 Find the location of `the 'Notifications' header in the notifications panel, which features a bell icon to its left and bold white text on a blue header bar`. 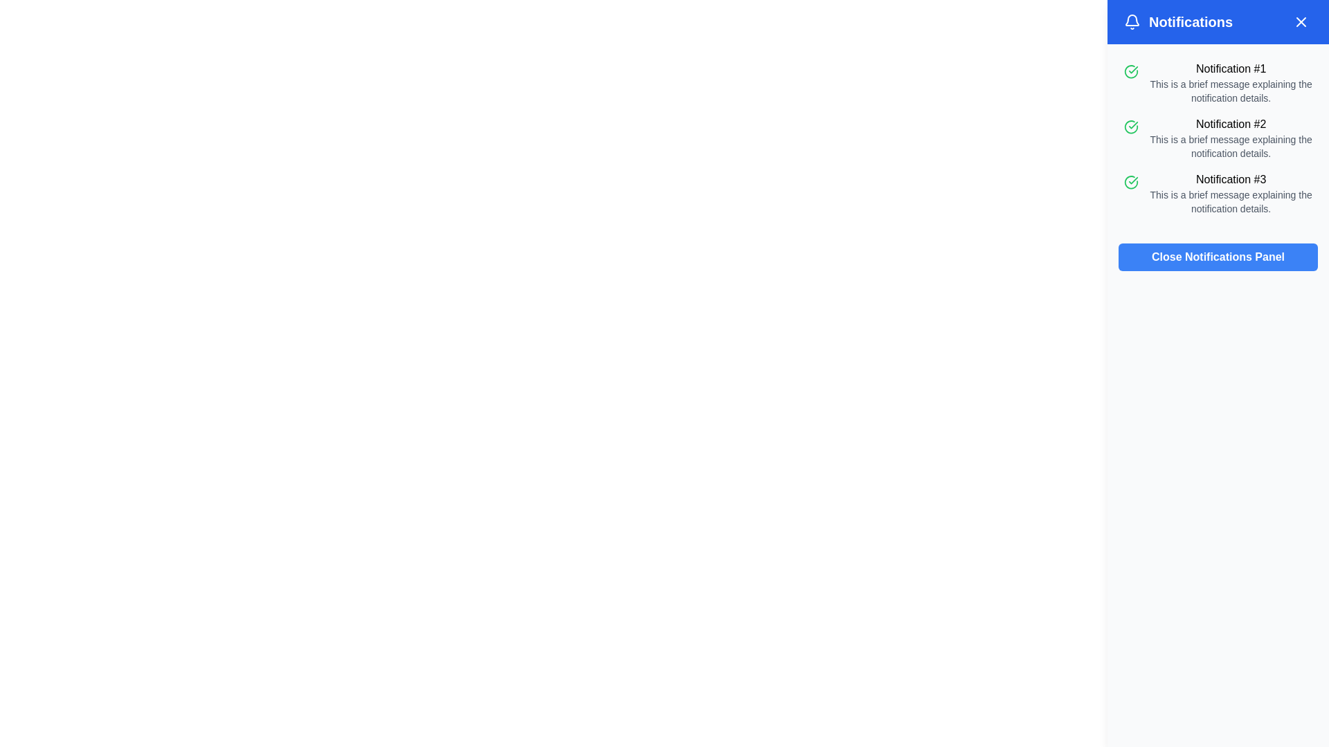

the 'Notifications' header in the notifications panel, which features a bell icon to its left and bold white text on a blue header bar is located at coordinates (1177, 21).